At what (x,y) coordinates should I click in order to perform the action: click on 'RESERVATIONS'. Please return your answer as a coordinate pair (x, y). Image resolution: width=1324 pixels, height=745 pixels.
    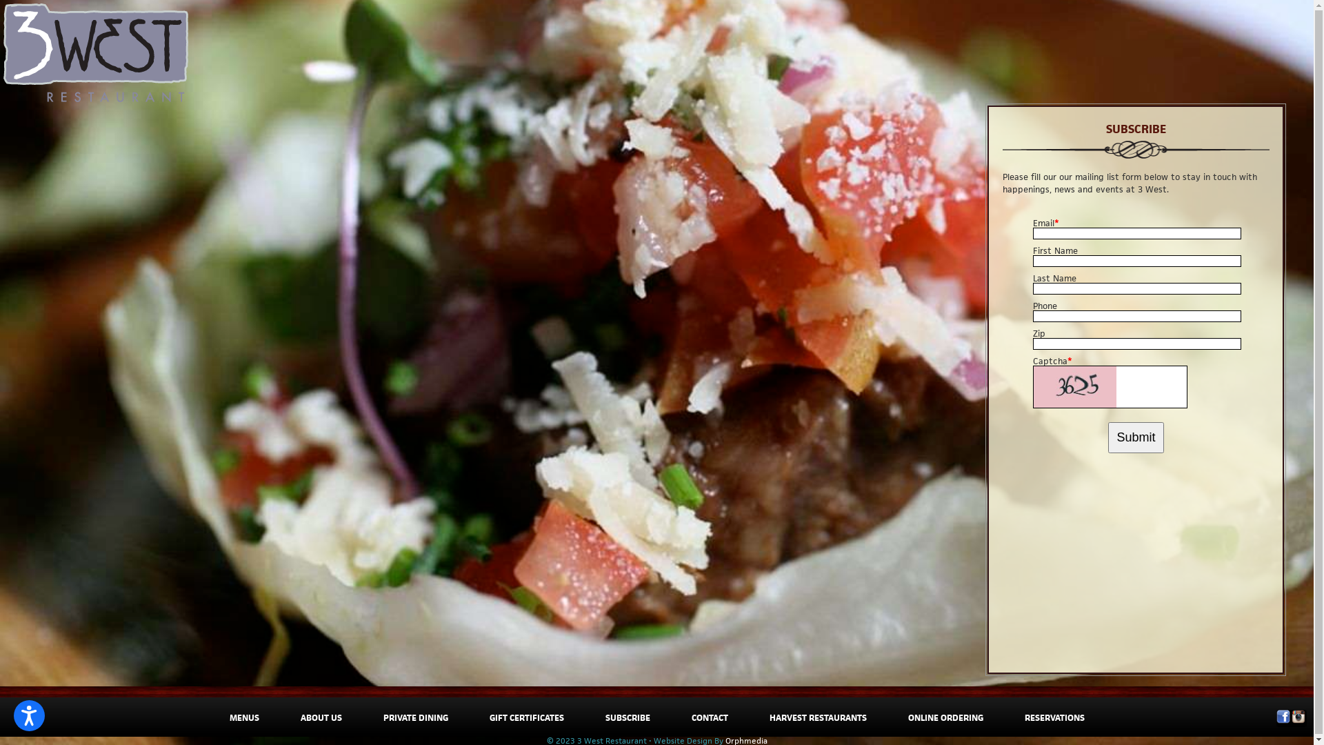
    Looking at the image, I should click on (1054, 717).